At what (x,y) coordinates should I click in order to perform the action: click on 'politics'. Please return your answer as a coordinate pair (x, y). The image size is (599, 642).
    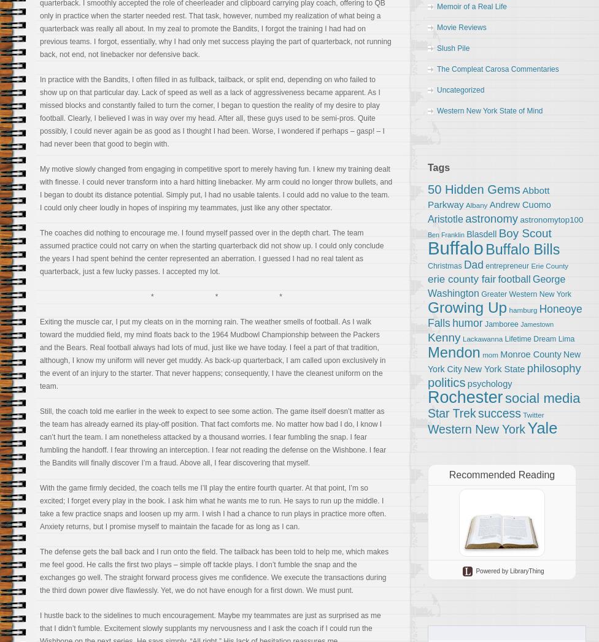
    Looking at the image, I should click on (427, 383).